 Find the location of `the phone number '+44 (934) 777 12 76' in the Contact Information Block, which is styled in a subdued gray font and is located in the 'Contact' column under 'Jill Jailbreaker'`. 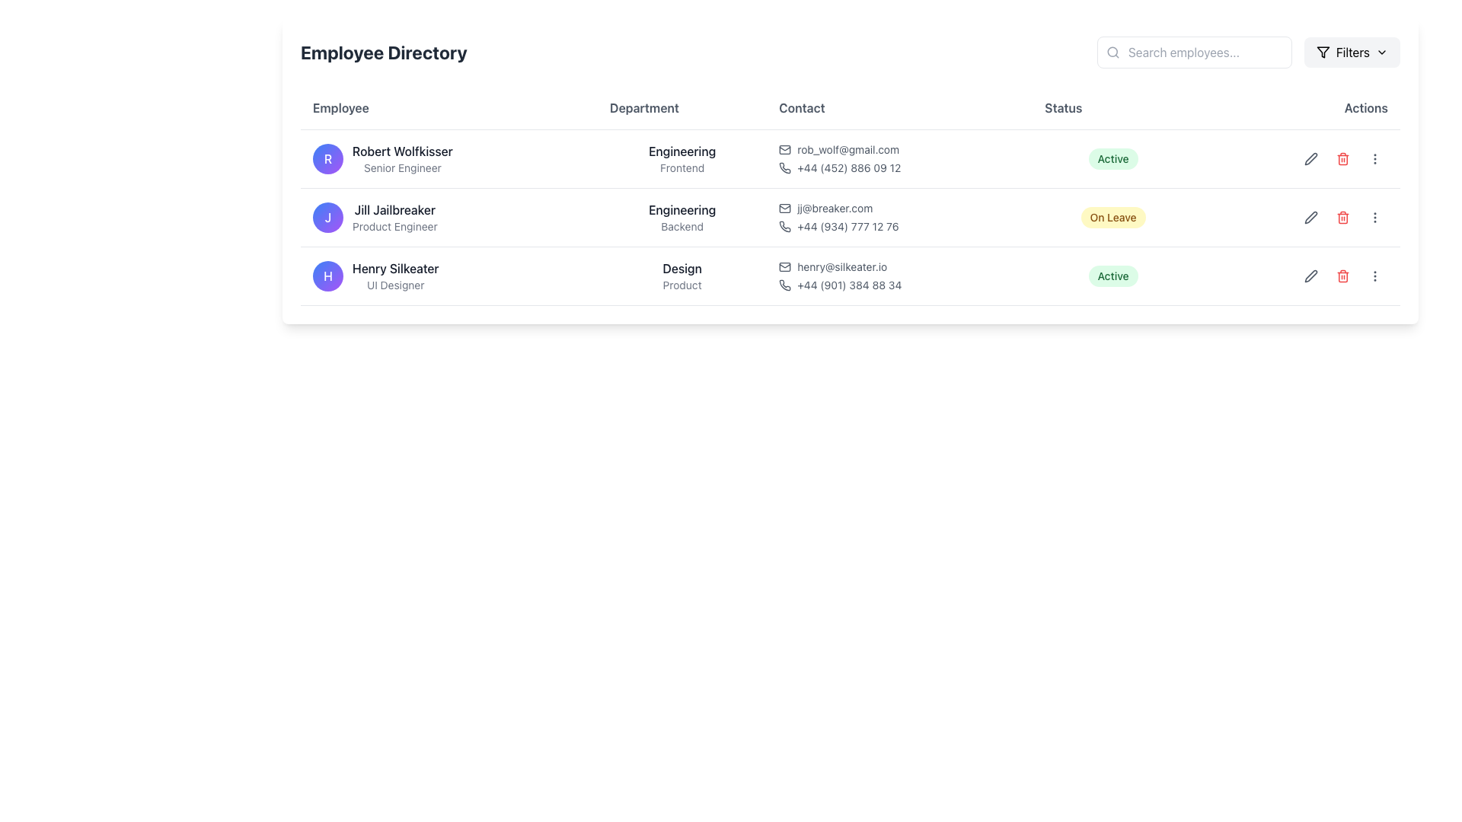

the phone number '+44 (934) 777 12 76' in the Contact Information Block, which is styled in a subdued gray font and is located in the 'Contact' column under 'Jill Jailbreaker' is located at coordinates (899, 217).